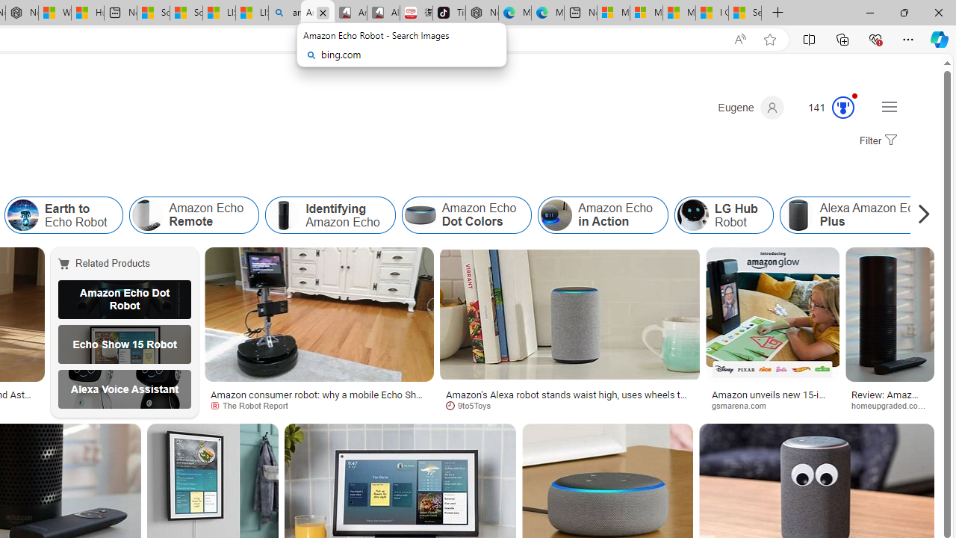 Image resolution: width=956 pixels, height=538 pixels. Describe the element at coordinates (772, 405) in the screenshot. I see `'gsmarena.com'` at that location.